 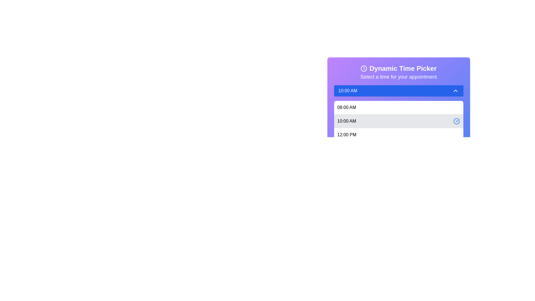 I want to click on the list item in the dropdown menu displaying '10:00 AM', so click(x=398, y=128).